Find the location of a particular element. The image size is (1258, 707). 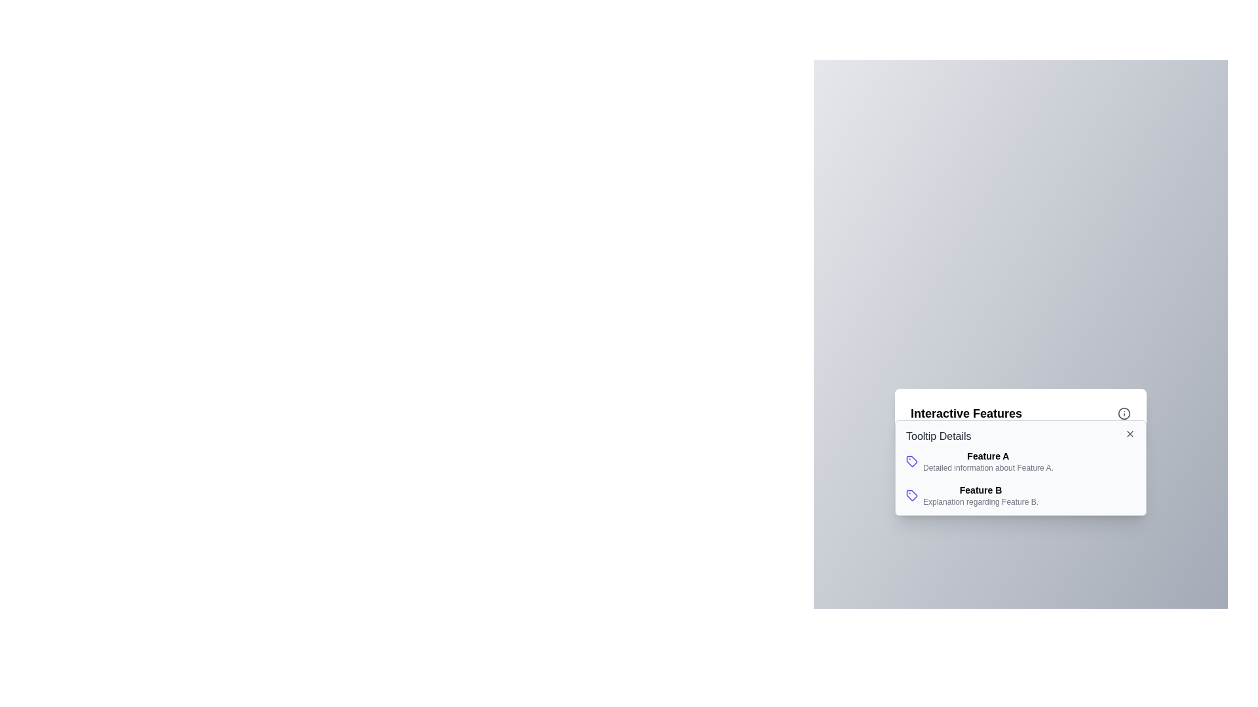

the SVG icon resembling a tag located next to the text 'Feature B' for further functionality is located at coordinates (911, 495).